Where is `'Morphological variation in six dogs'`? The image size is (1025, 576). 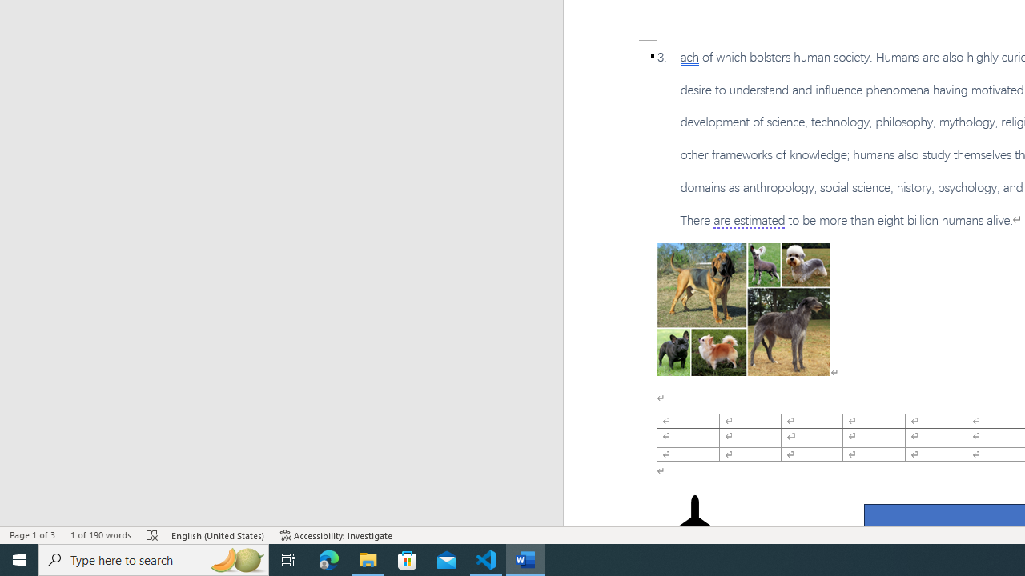 'Morphological variation in six dogs' is located at coordinates (742, 310).